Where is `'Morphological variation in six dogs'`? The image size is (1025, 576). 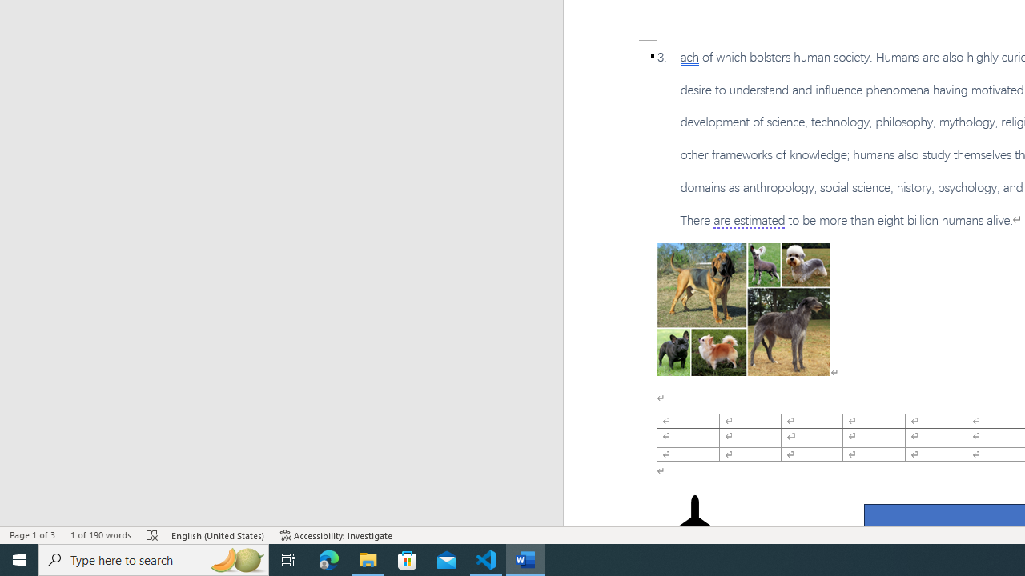 'Morphological variation in six dogs' is located at coordinates (742, 310).